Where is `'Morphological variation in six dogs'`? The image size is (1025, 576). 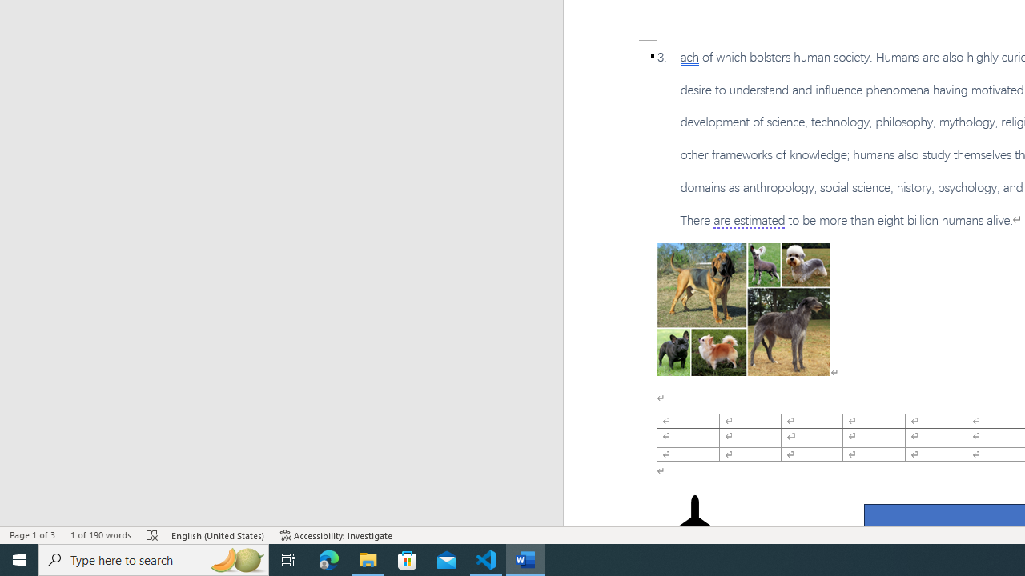 'Morphological variation in six dogs' is located at coordinates (742, 310).